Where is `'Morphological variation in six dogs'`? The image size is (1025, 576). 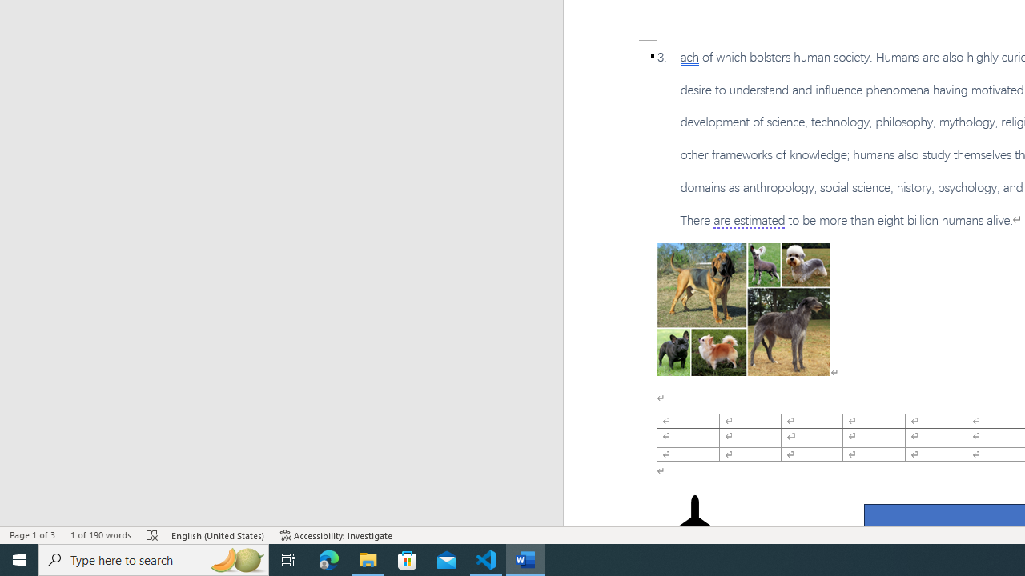 'Morphological variation in six dogs' is located at coordinates (742, 310).